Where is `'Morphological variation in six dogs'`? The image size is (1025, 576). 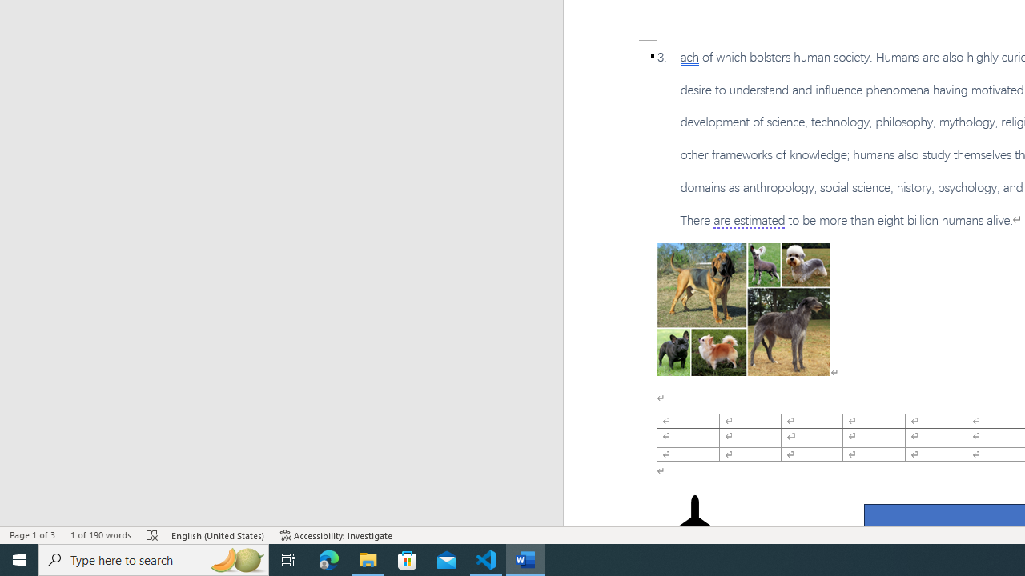 'Morphological variation in six dogs' is located at coordinates (742, 310).